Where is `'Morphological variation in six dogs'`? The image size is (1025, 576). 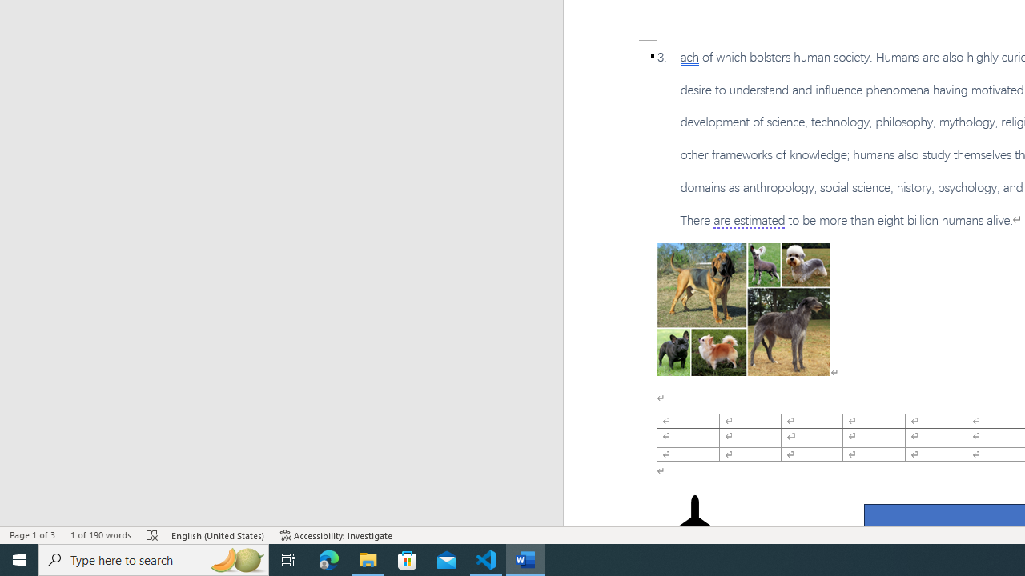 'Morphological variation in six dogs' is located at coordinates (742, 310).